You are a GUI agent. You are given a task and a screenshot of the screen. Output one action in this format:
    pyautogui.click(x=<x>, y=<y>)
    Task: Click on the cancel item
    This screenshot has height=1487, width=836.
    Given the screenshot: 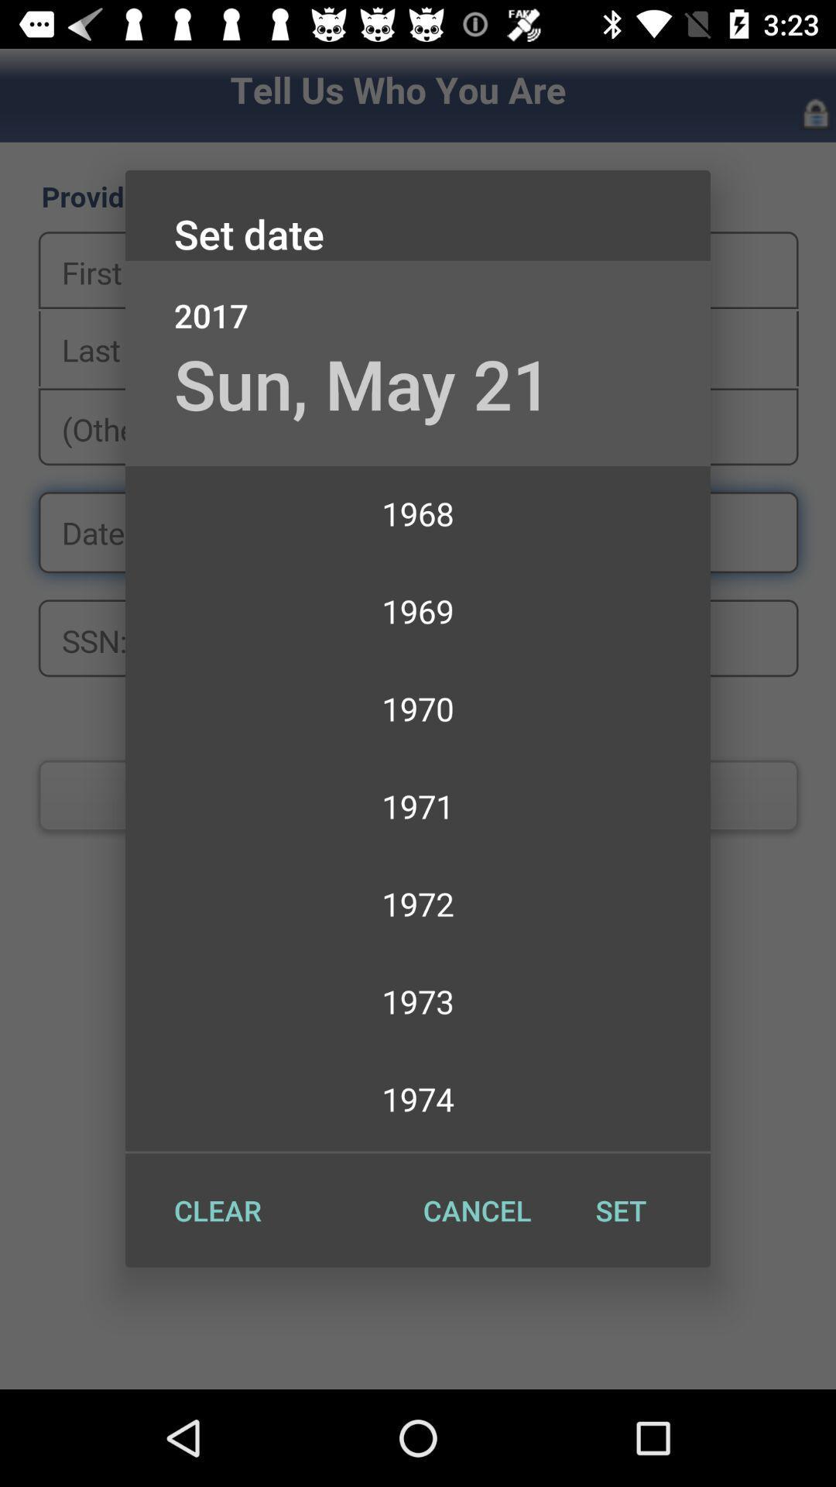 What is the action you would take?
    pyautogui.click(x=476, y=1210)
    